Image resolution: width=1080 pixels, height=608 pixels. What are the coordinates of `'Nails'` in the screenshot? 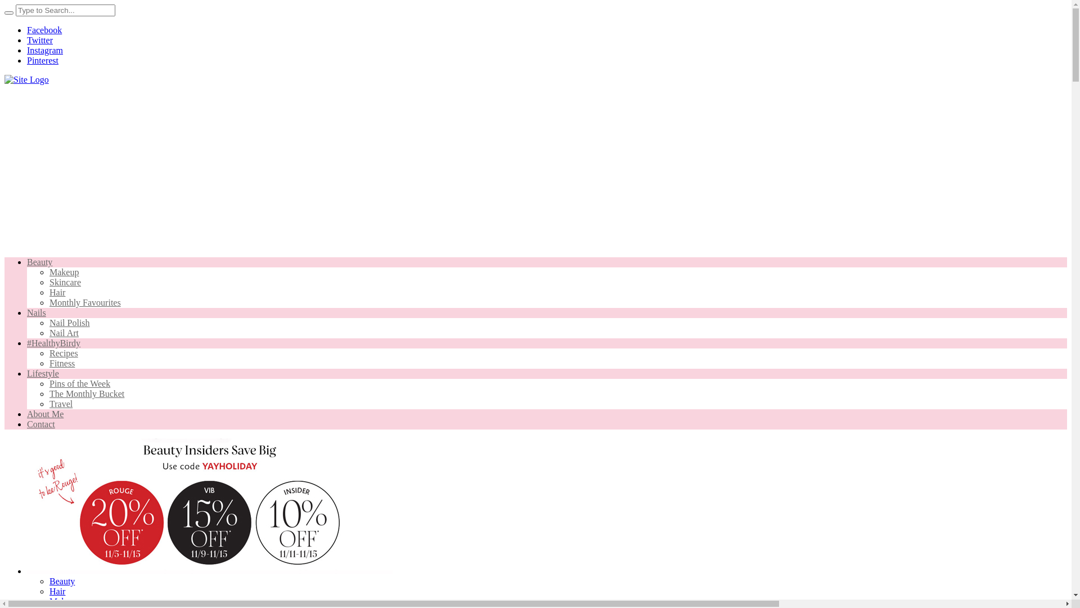 It's located at (37, 312).